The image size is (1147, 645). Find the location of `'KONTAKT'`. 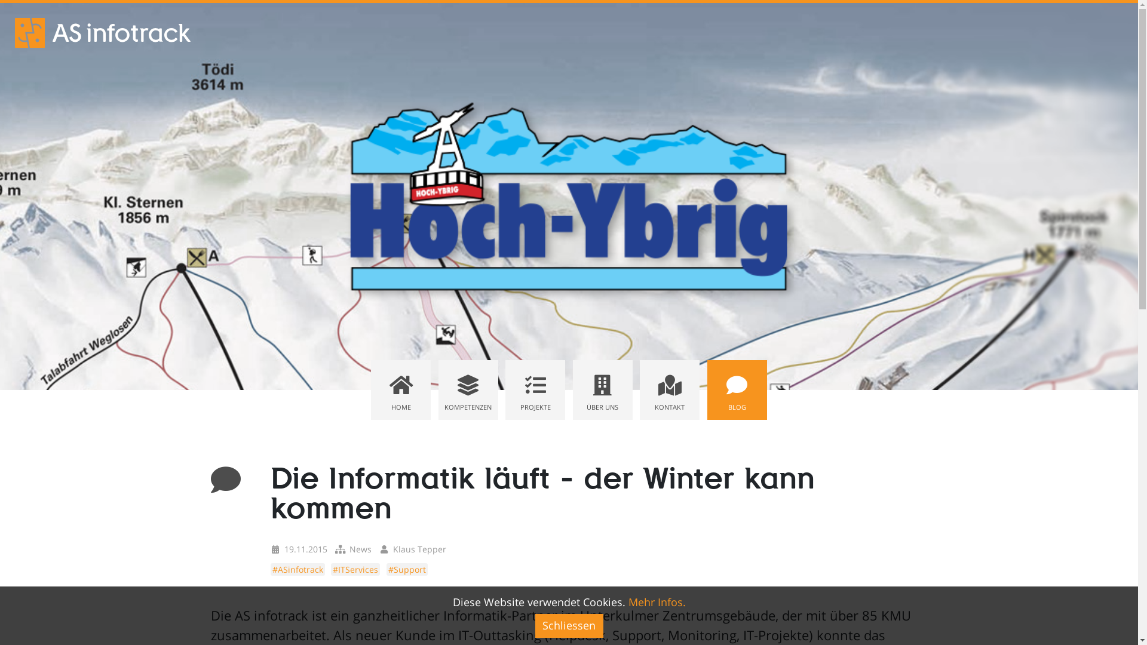

'KONTAKT' is located at coordinates (670, 389).